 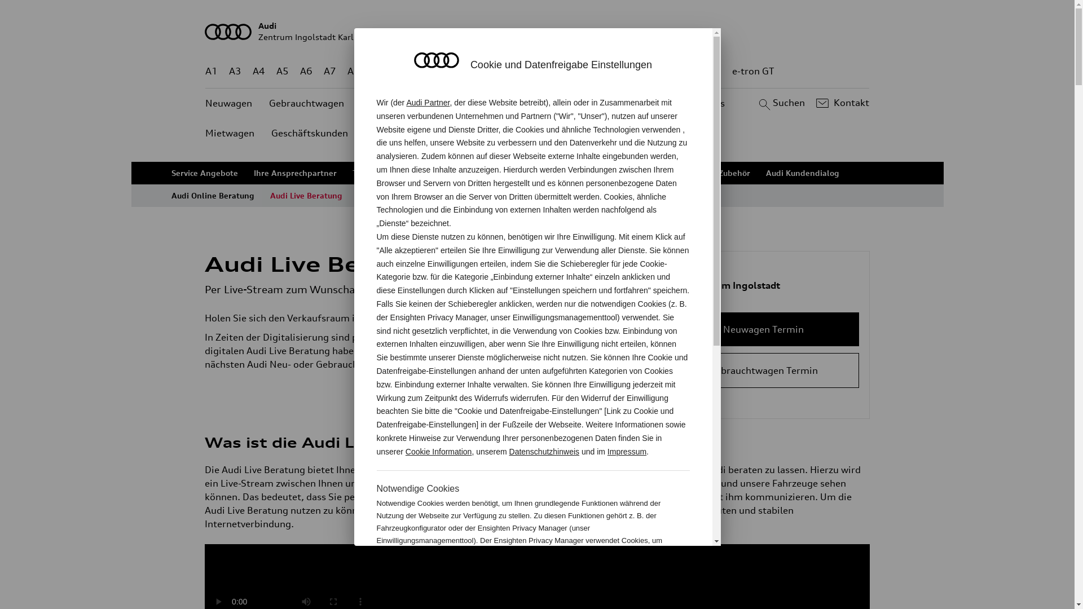 I want to click on 'Neuwagen Termin', so click(x=763, y=329).